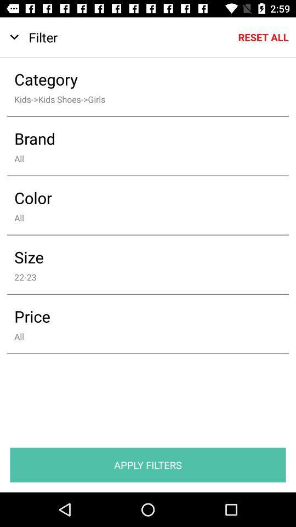  What do you see at coordinates (263, 37) in the screenshot?
I see `reset all icon` at bounding box center [263, 37].